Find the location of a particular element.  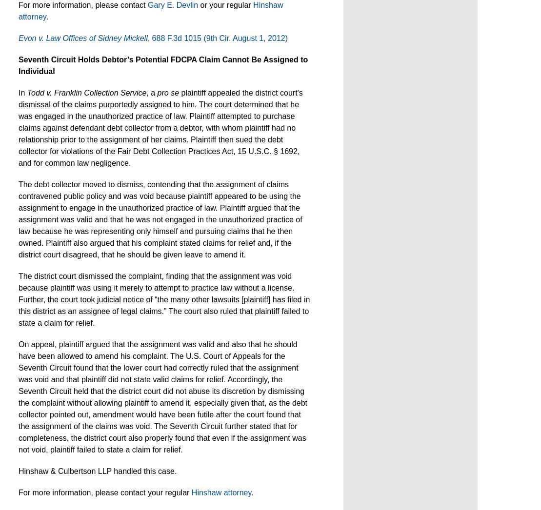

'The district court dismissed the complaint, finding that the assignment was void because plaintiff was using it merely to attempt to practice law without a license. Further, the court took judicial notice of “the many other lawsuits [plaintiff] has filed in this district as an assignee of legal claims.” The court also ruled that plaintiff failed to state a claim for relief.' is located at coordinates (19, 299).